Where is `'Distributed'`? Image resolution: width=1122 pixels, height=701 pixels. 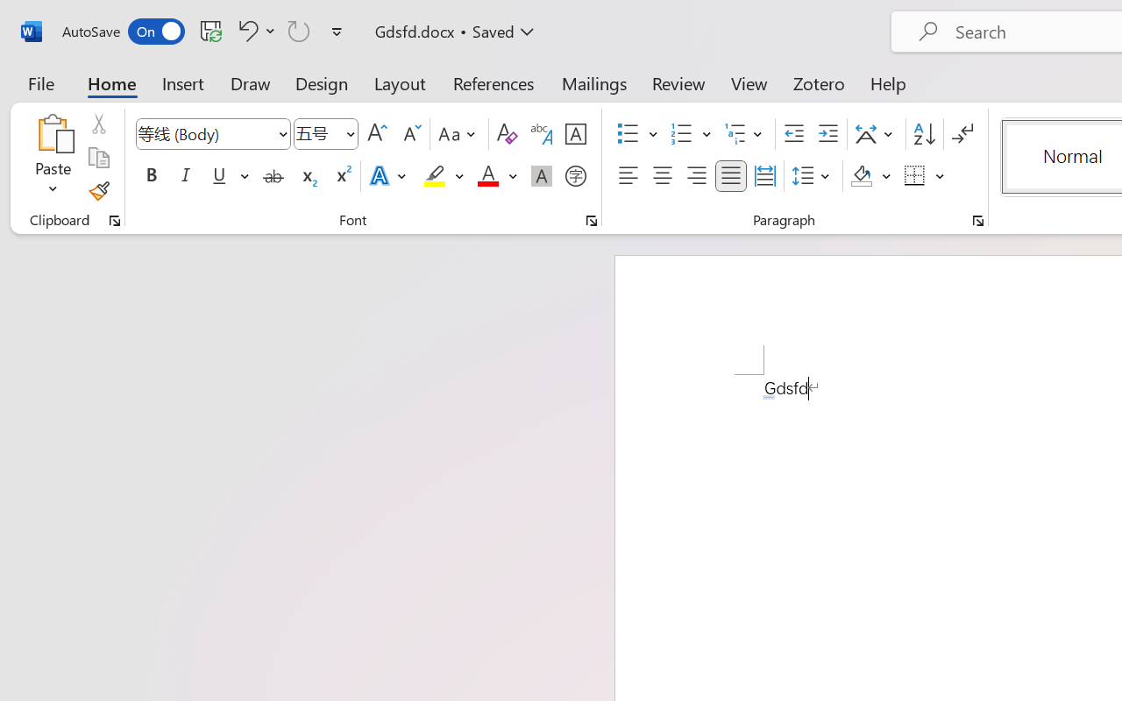 'Distributed' is located at coordinates (764, 176).